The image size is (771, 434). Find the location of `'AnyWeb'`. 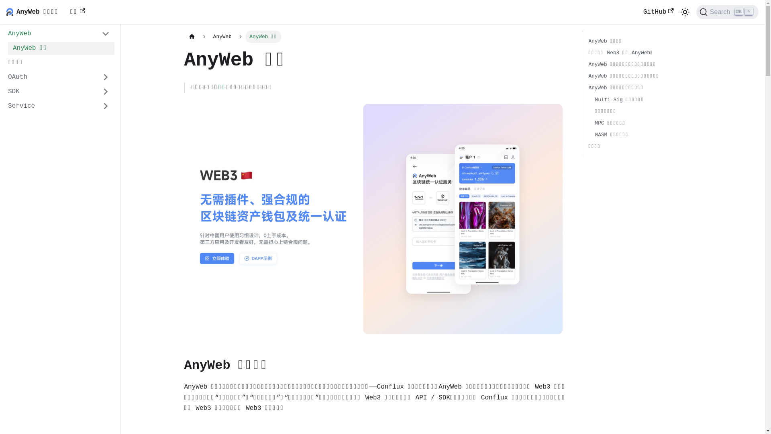

'AnyWeb' is located at coordinates (58, 33).